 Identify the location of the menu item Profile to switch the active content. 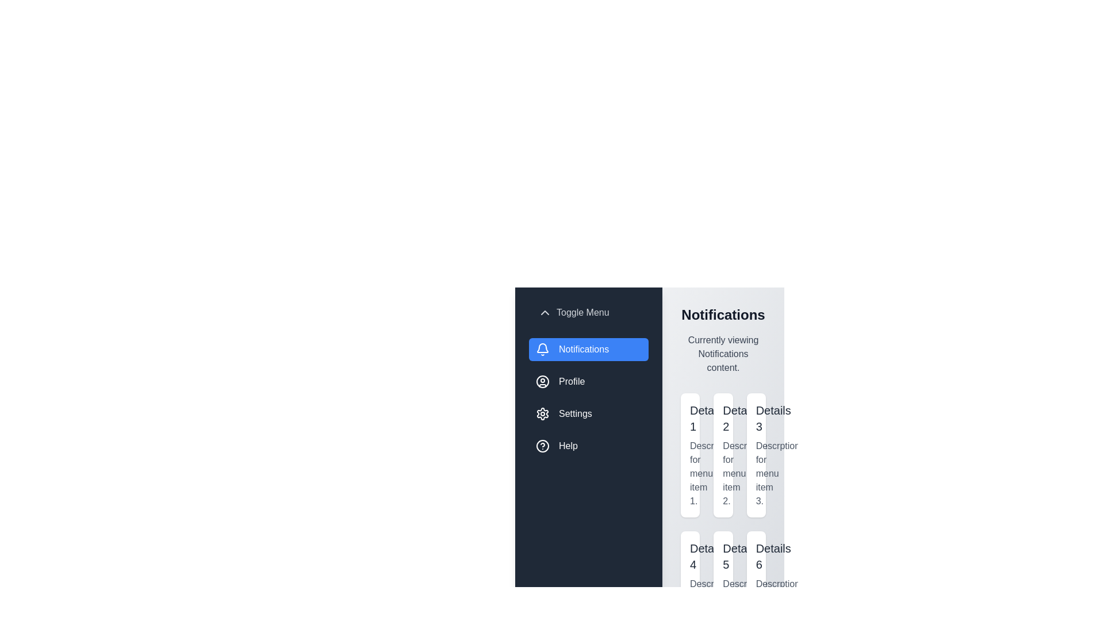
(588, 381).